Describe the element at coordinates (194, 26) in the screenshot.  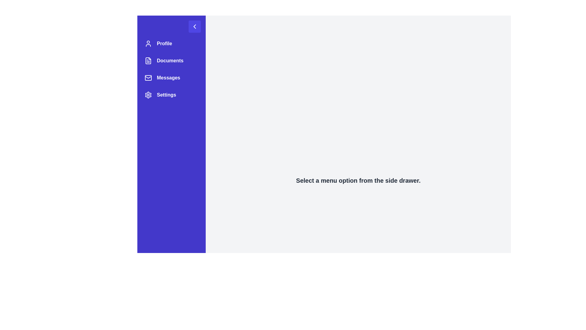
I see `the toggle button located at the top-right corner of the vertical navigation bar` at that location.